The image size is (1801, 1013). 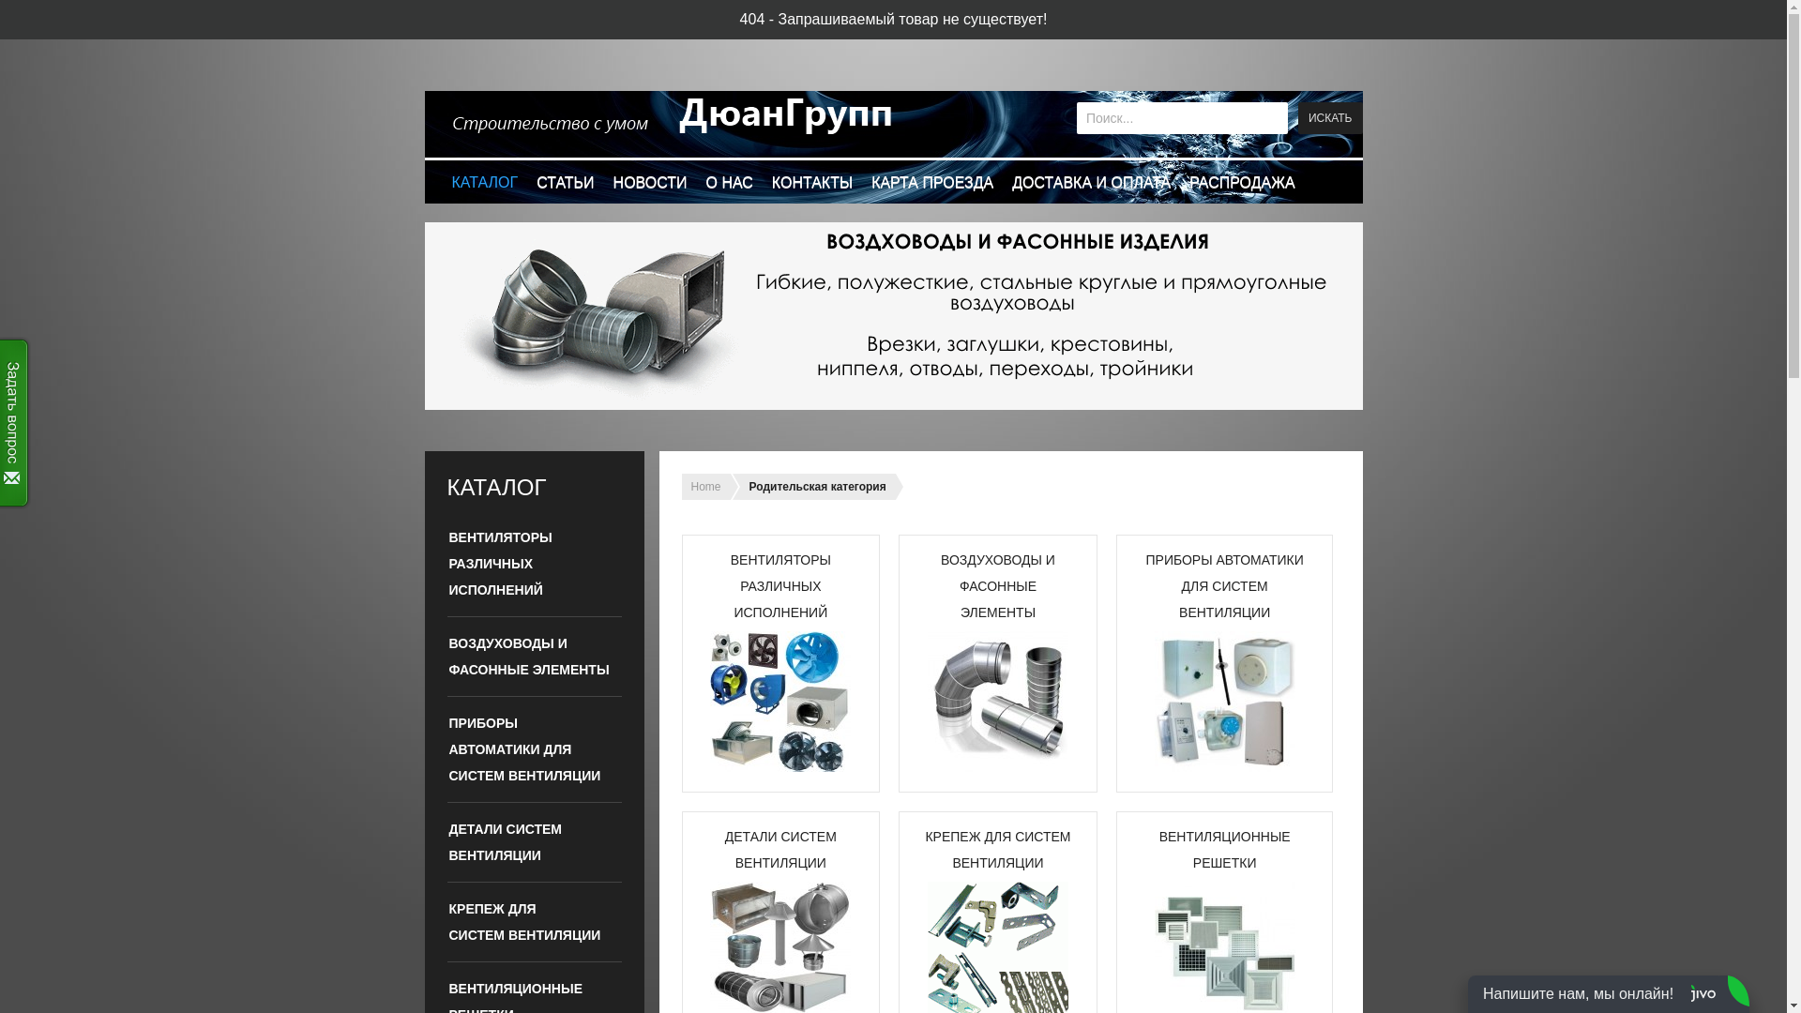 What do you see at coordinates (704, 486) in the screenshot?
I see `'Home'` at bounding box center [704, 486].